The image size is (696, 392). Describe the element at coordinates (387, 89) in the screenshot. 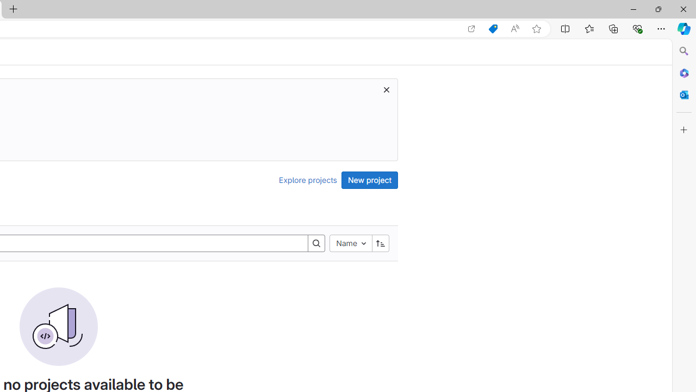

I see `'Dismiss trial promotion'` at that location.